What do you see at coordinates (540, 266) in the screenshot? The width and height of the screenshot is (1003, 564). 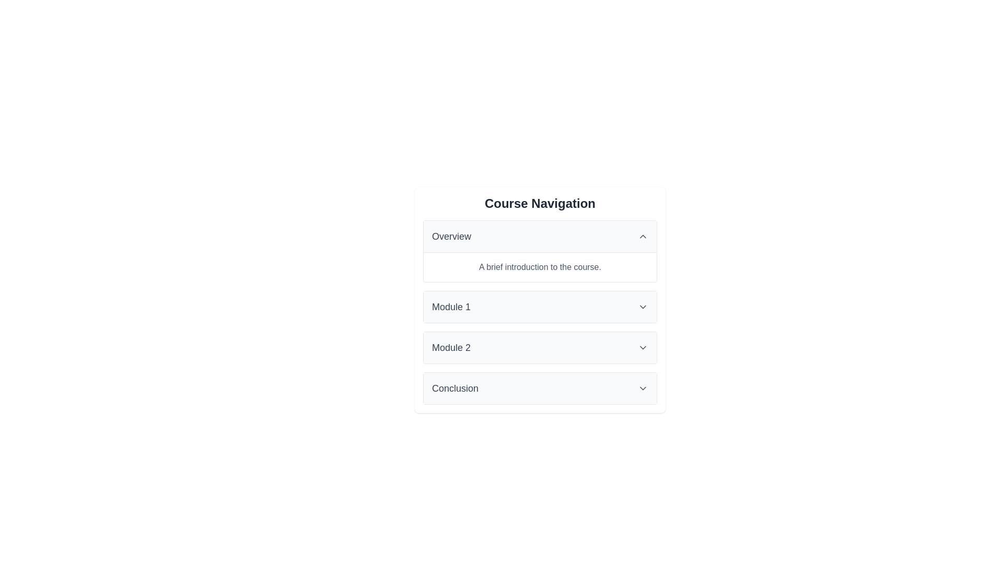 I see `the text block containing 'A brief introduction to the course.' which is styled in gray font and placed below the 'Overview' section` at bounding box center [540, 266].